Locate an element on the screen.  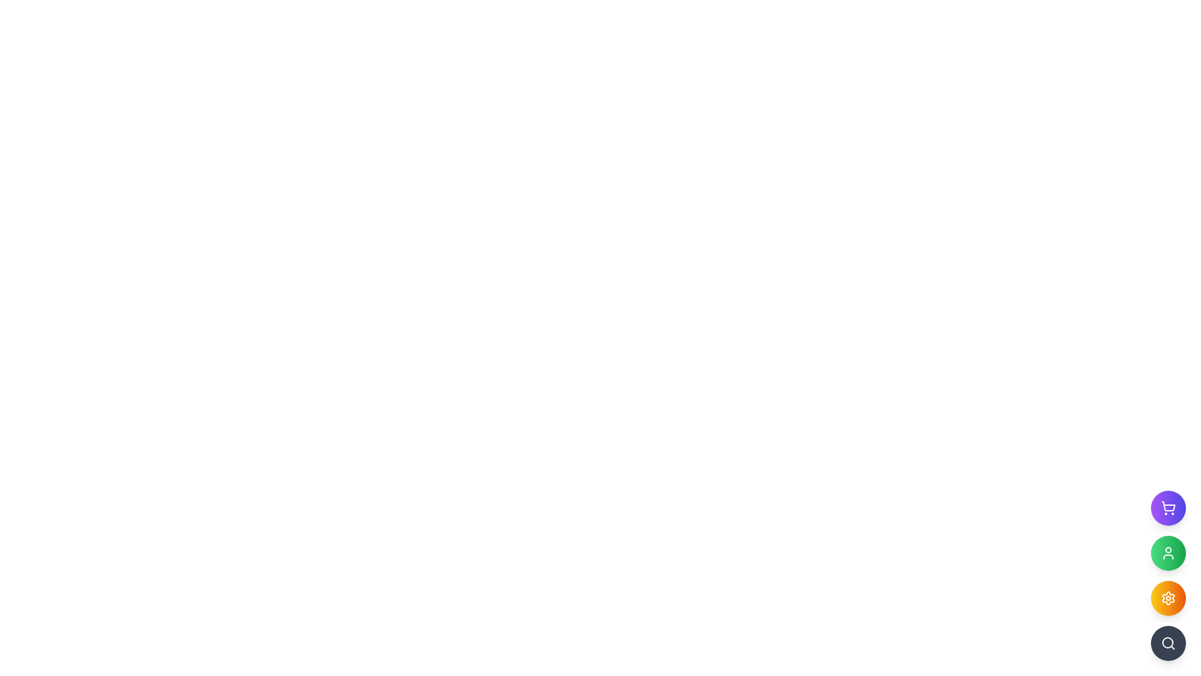
the topmost button in the vertical stack of round buttons near the bottom-right corner is located at coordinates (1167, 508).